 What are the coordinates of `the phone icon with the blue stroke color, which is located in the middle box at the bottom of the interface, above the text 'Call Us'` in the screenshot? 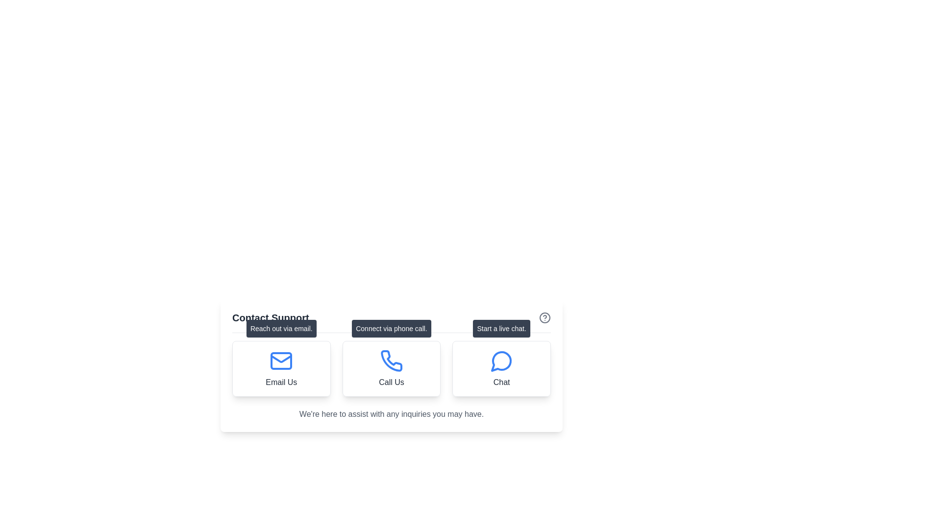 It's located at (391, 361).